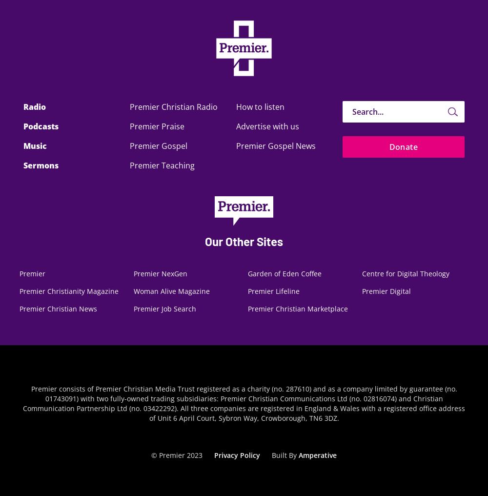 Image resolution: width=488 pixels, height=496 pixels. What do you see at coordinates (160, 273) in the screenshot?
I see `'Premier NexGen'` at bounding box center [160, 273].